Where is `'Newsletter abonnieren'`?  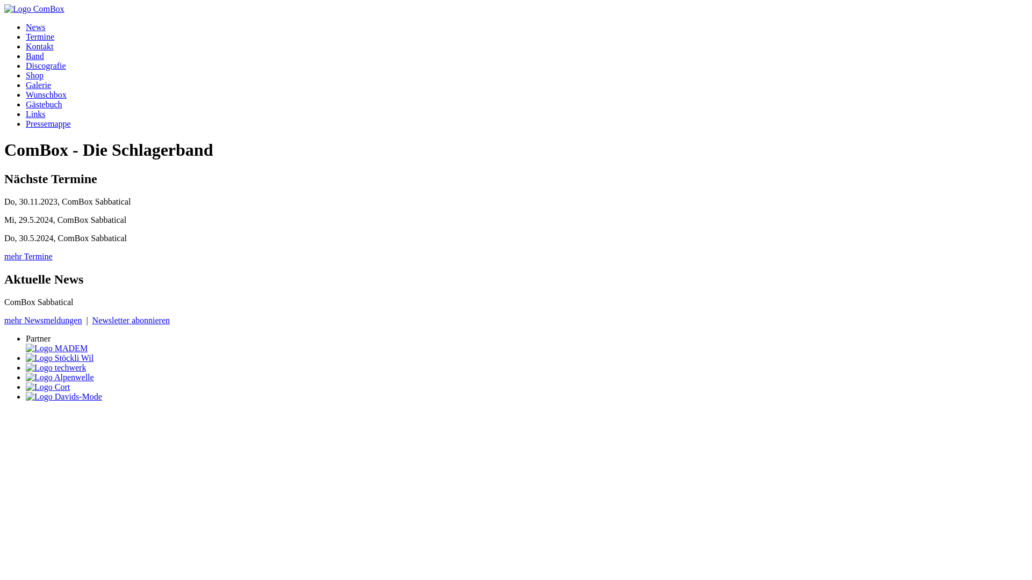 'Newsletter abonnieren' is located at coordinates (131, 320).